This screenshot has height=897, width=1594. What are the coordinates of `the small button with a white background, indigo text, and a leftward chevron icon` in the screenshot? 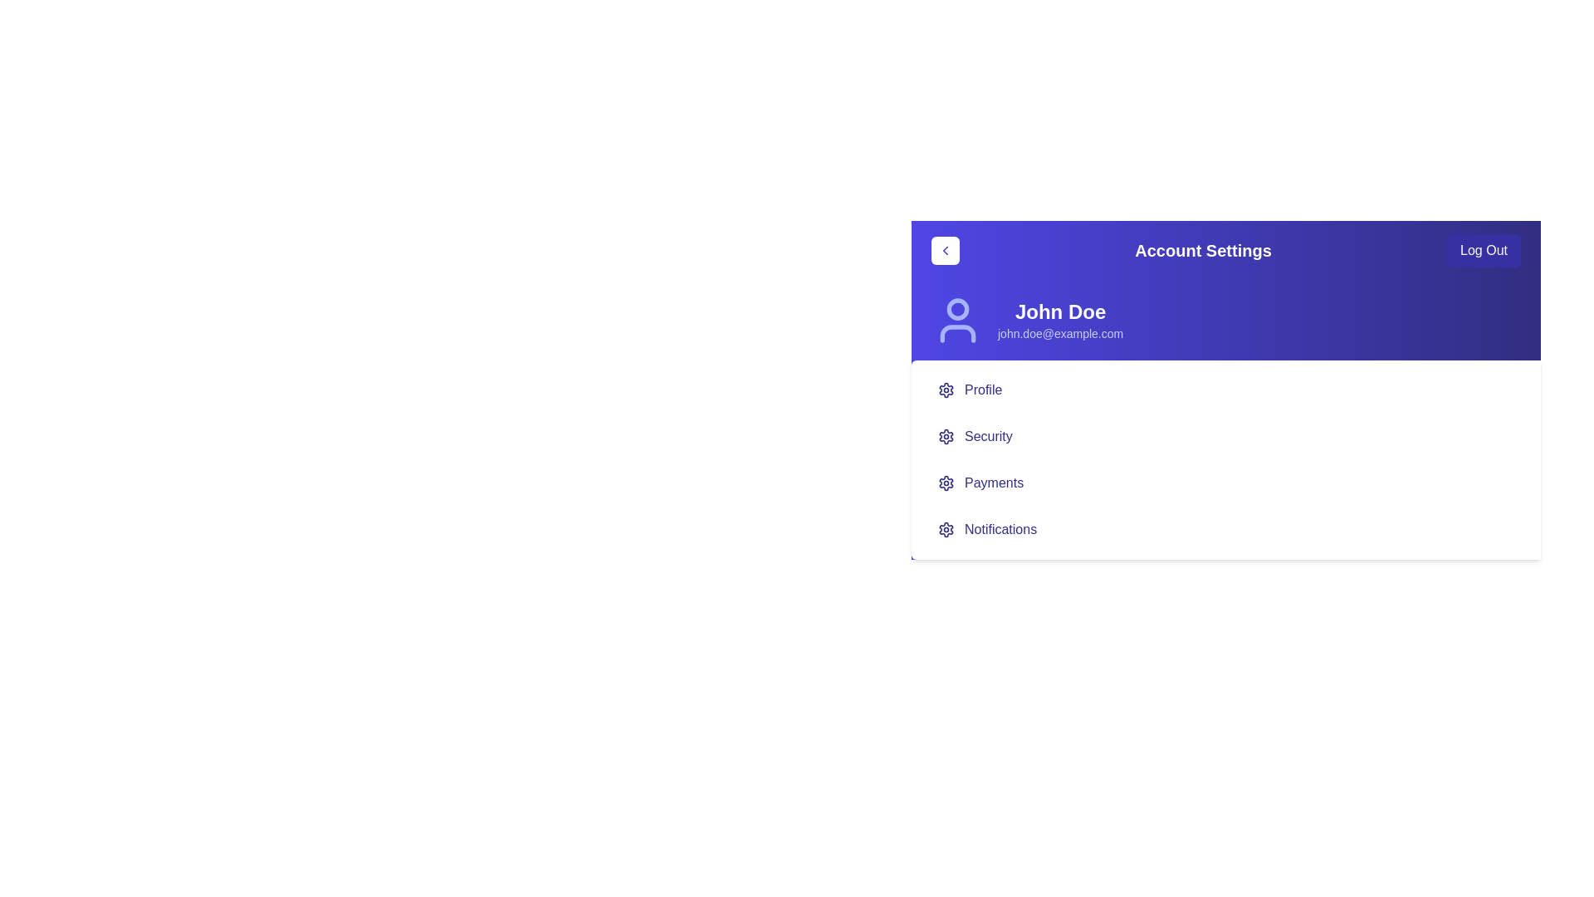 It's located at (945, 250).